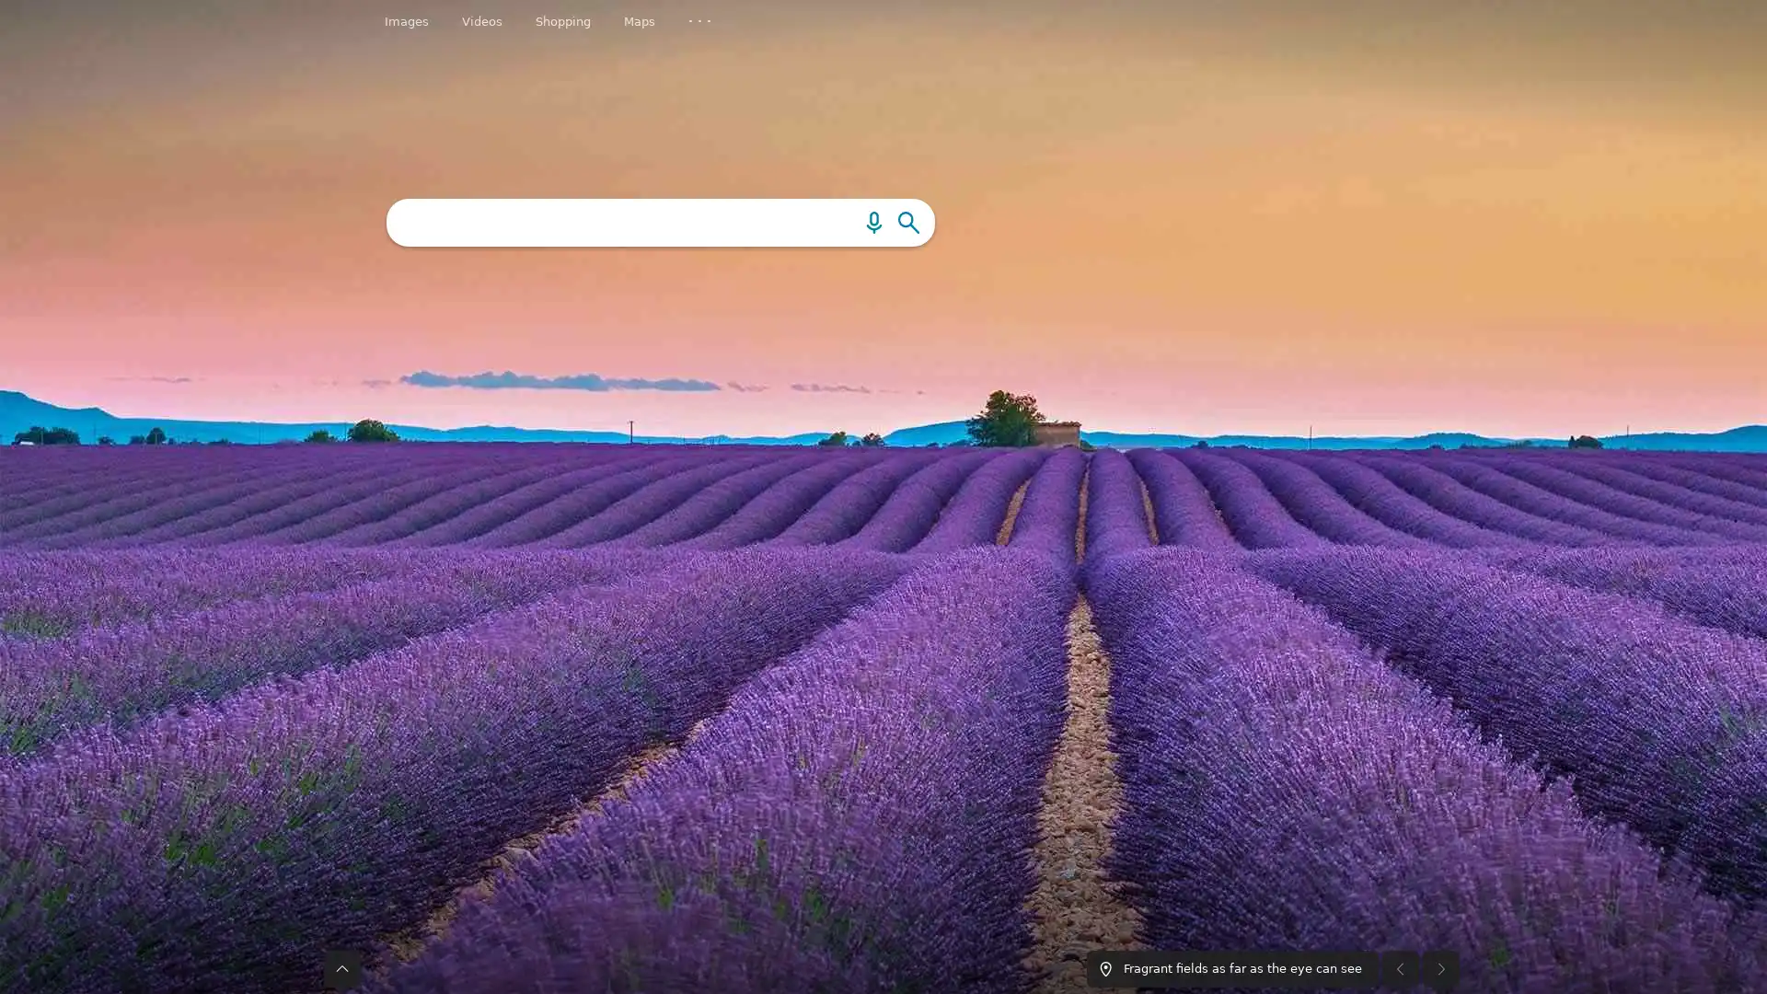 The image size is (1767, 994). What do you see at coordinates (1502, 751) in the screenshot?
I see `More news` at bounding box center [1502, 751].